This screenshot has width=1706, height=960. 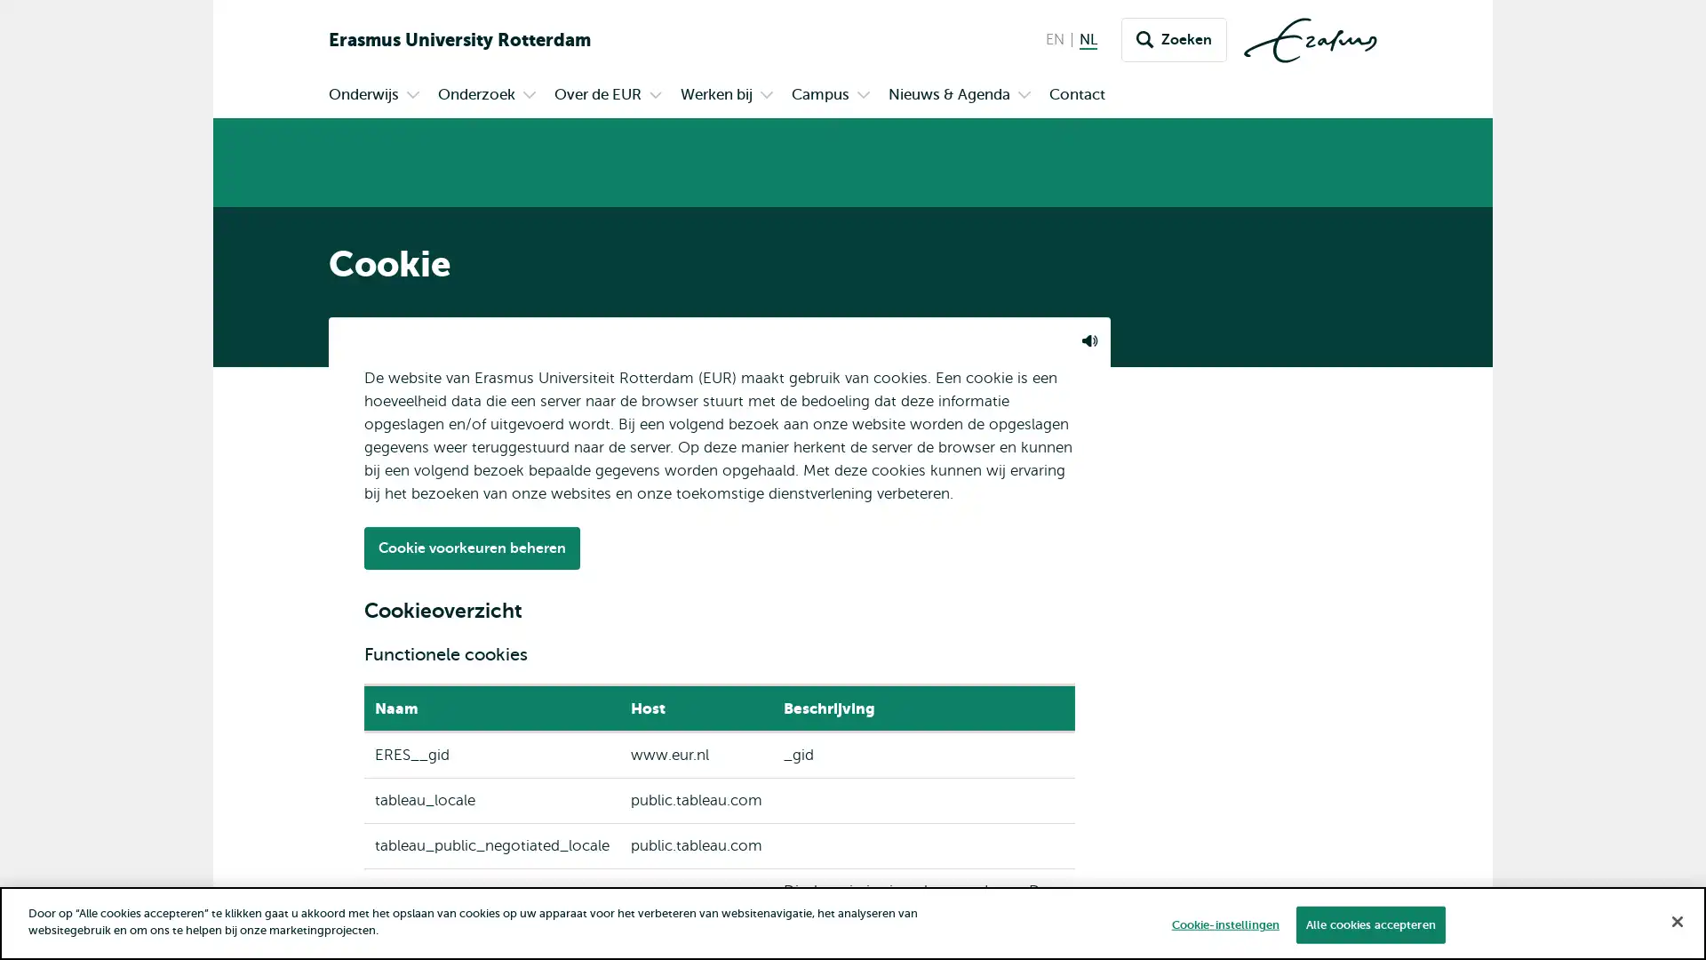 I want to click on Cookie-instellingen, so click(x=1224, y=924).